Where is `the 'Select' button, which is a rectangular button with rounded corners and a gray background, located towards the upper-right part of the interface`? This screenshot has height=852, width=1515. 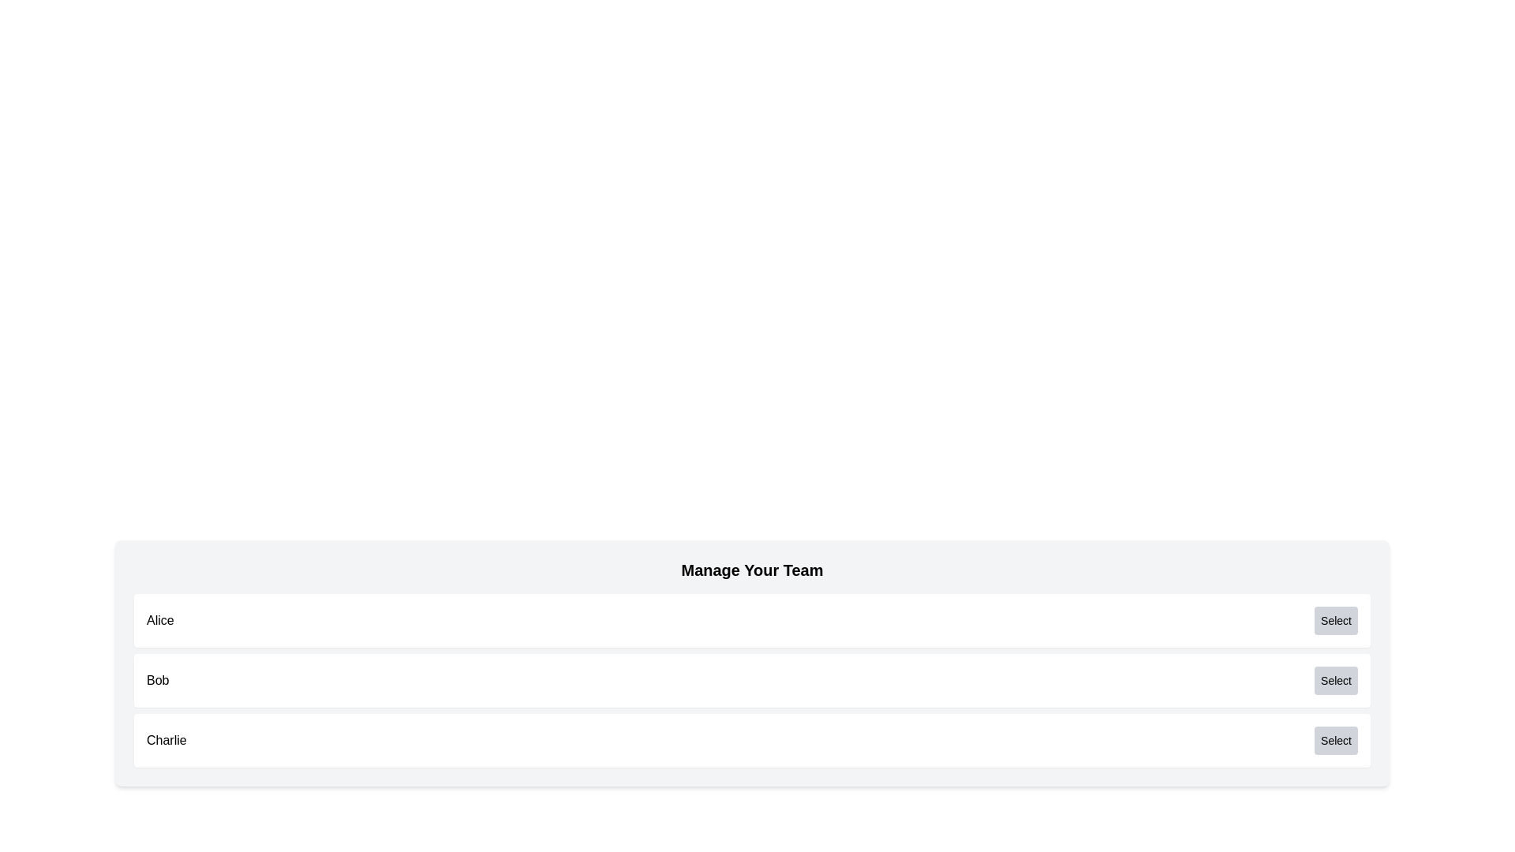
the 'Select' button, which is a rectangular button with rounded corners and a gray background, located towards the upper-right part of the interface is located at coordinates (1335, 619).